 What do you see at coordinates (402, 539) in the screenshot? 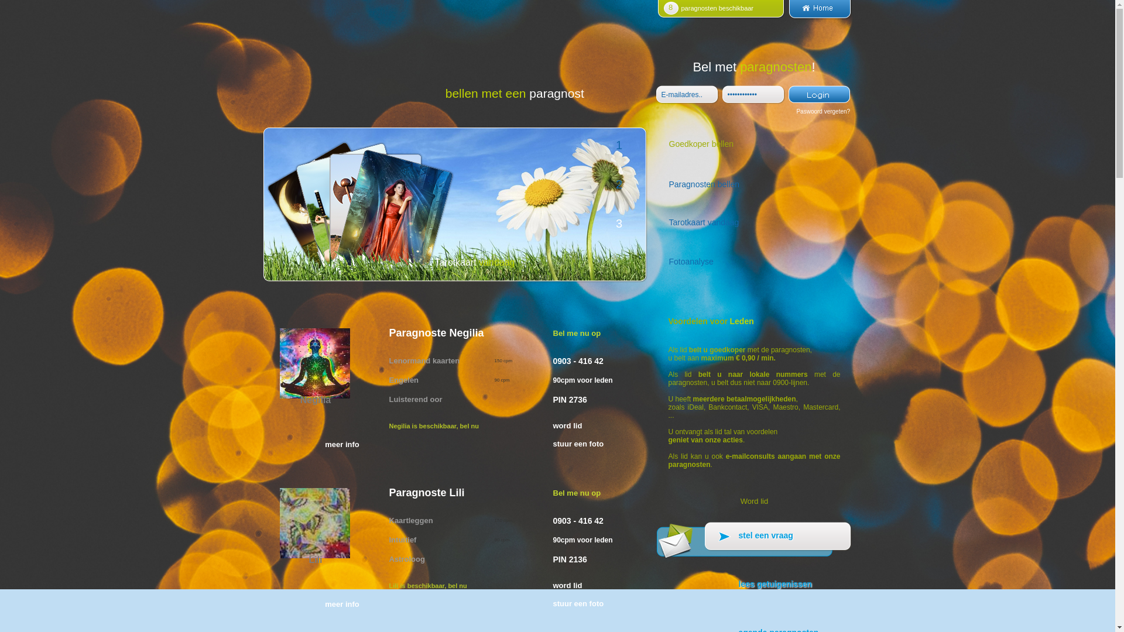
I see `'Intuitief'` at bounding box center [402, 539].